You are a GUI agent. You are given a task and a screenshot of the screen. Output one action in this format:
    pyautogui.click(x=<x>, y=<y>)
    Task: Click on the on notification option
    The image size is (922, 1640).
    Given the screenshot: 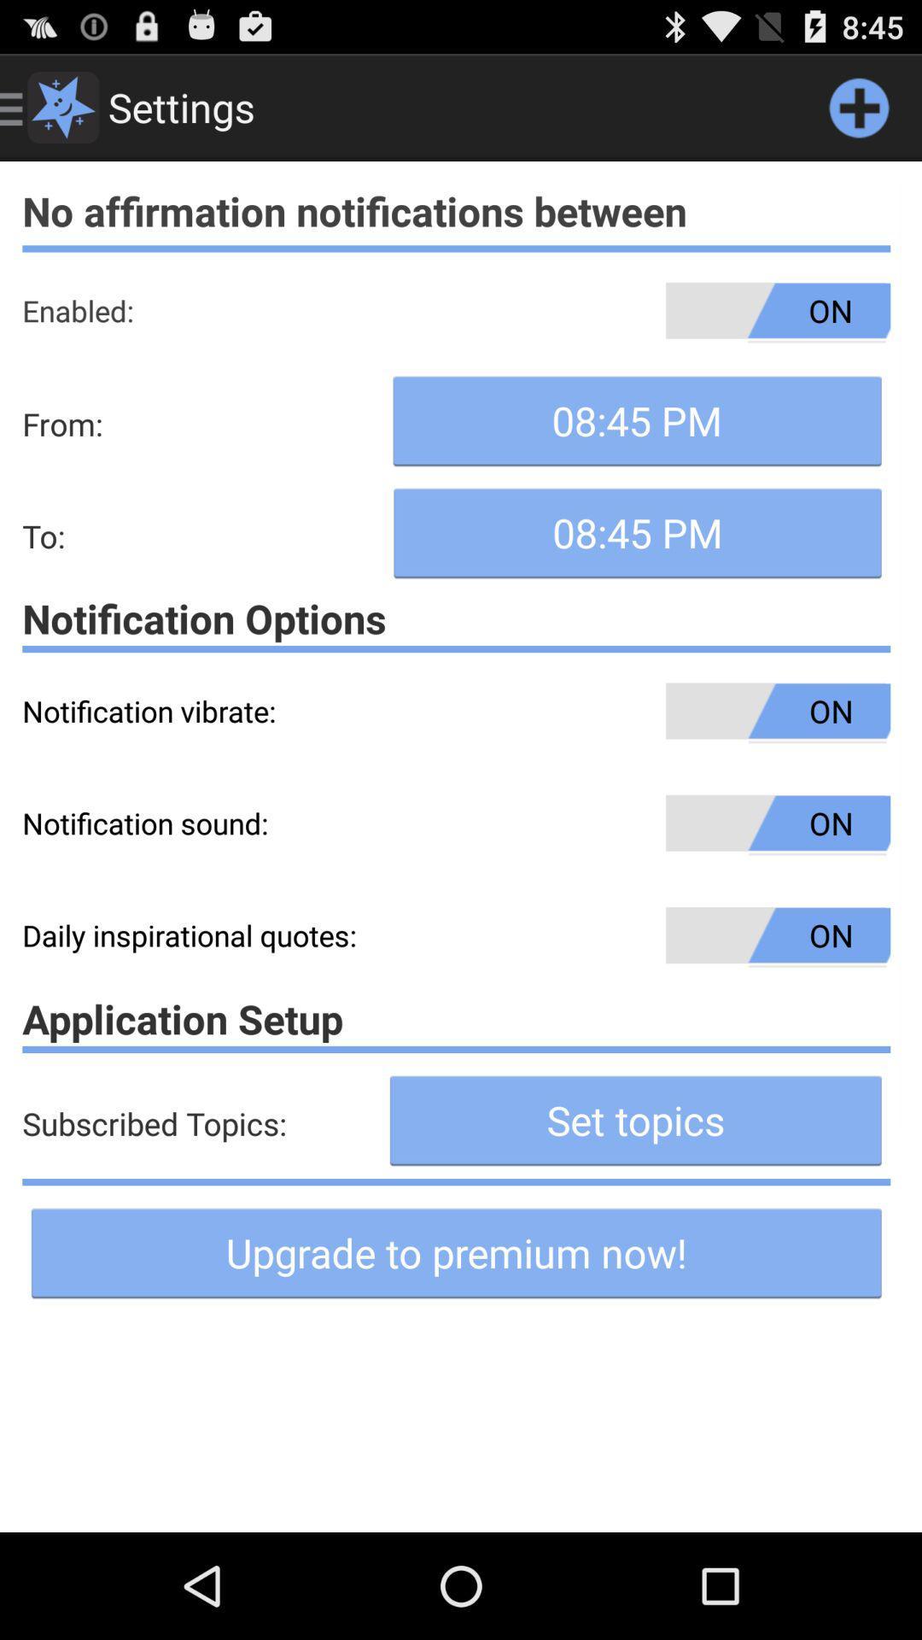 What is the action you would take?
    pyautogui.click(x=455, y=618)
    